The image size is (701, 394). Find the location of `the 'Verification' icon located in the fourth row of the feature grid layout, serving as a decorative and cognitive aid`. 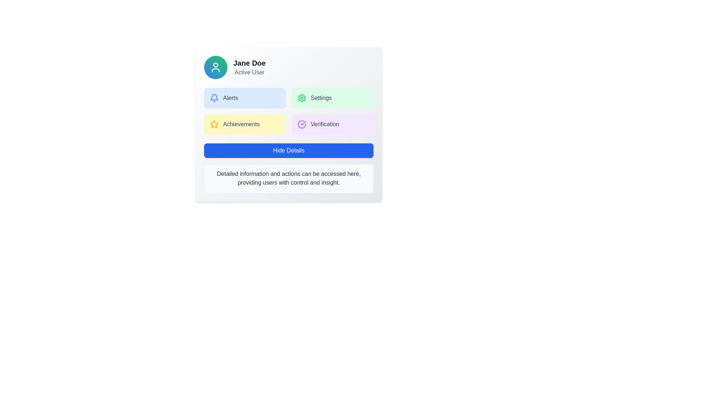

the 'Verification' icon located in the fourth row of the feature grid layout, serving as a decorative and cognitive aid is located at coordinates (302, 124).